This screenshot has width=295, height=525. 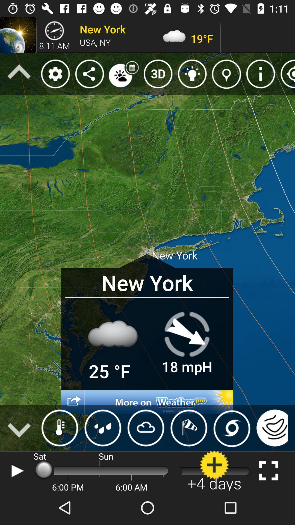 I want to click on the weather icon, so click(x=60, y=428).